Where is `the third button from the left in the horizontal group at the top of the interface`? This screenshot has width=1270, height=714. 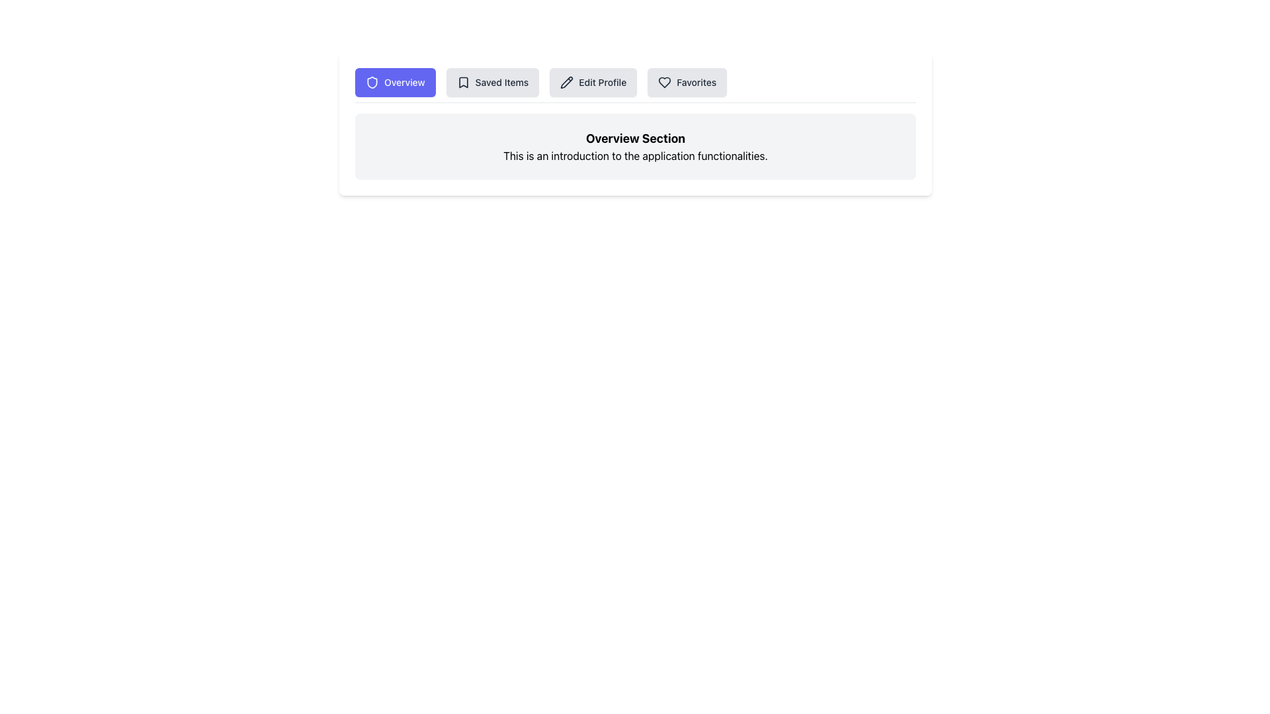 the third button from the left in the horizontal group at the top of the interface is located at coordinates (593, 82).